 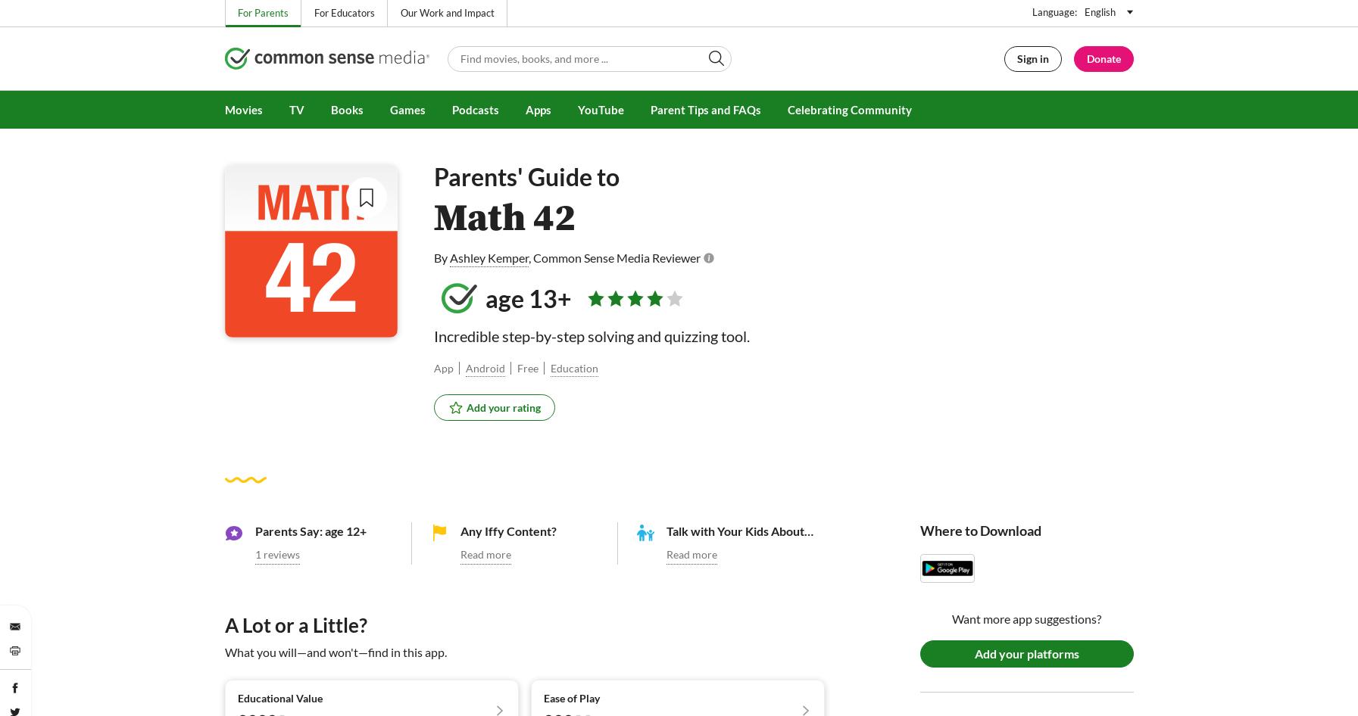 I want to click on 'Parents Say:', so click(x=287, y=530).